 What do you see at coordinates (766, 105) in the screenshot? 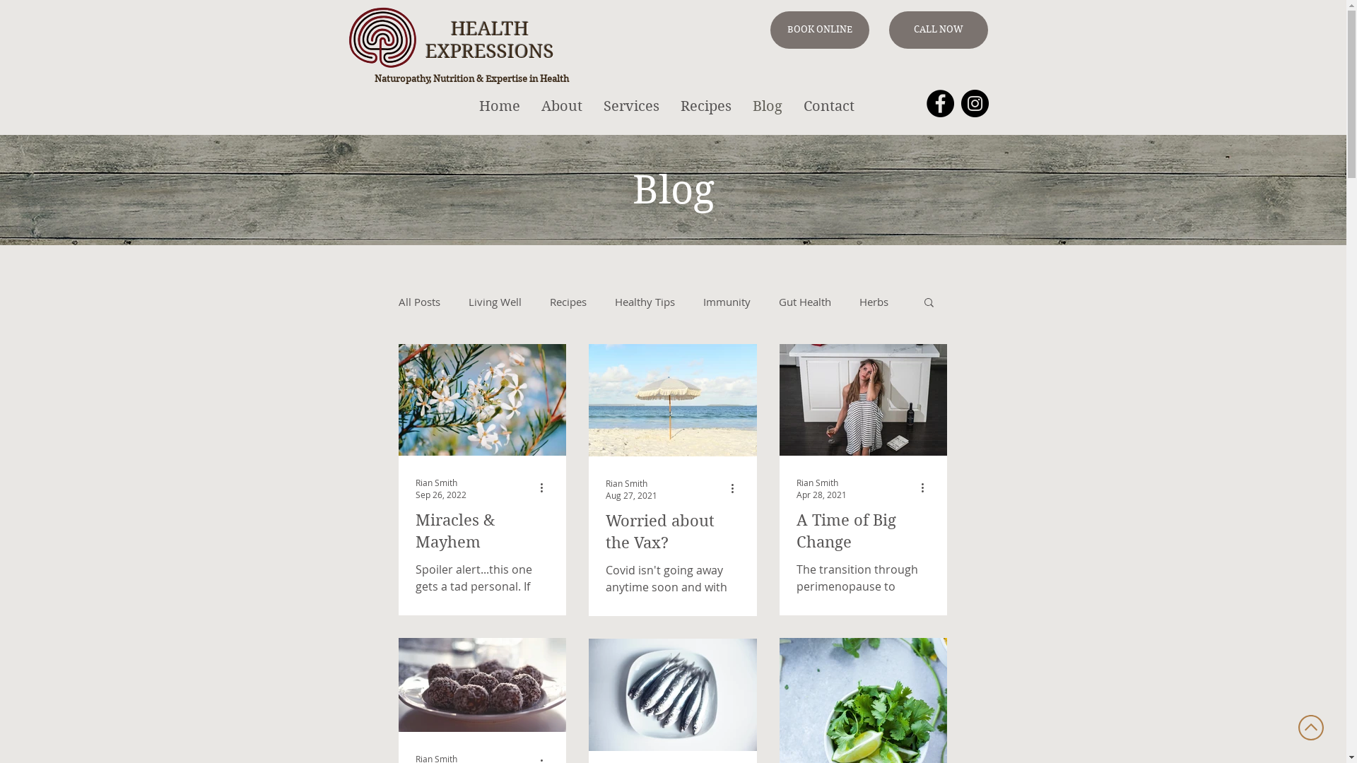
I see `'Blog'` at bounding box center [766, 105].